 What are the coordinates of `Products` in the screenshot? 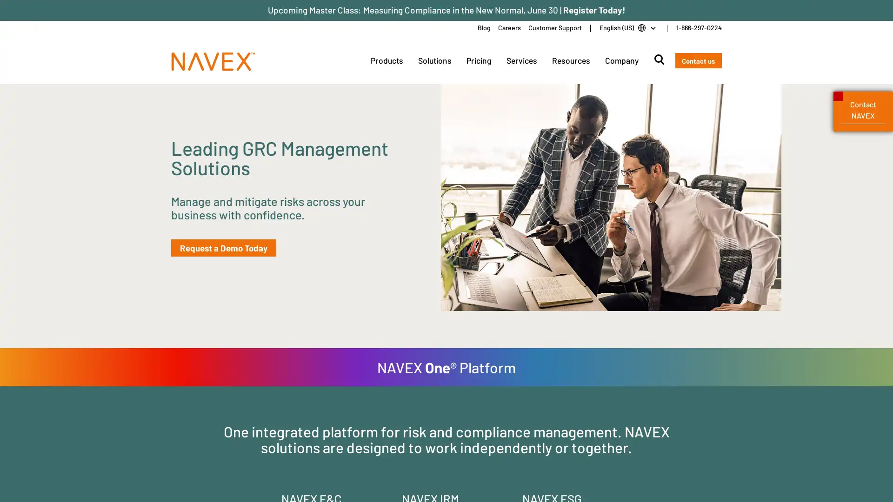 It's located at (386, 60).